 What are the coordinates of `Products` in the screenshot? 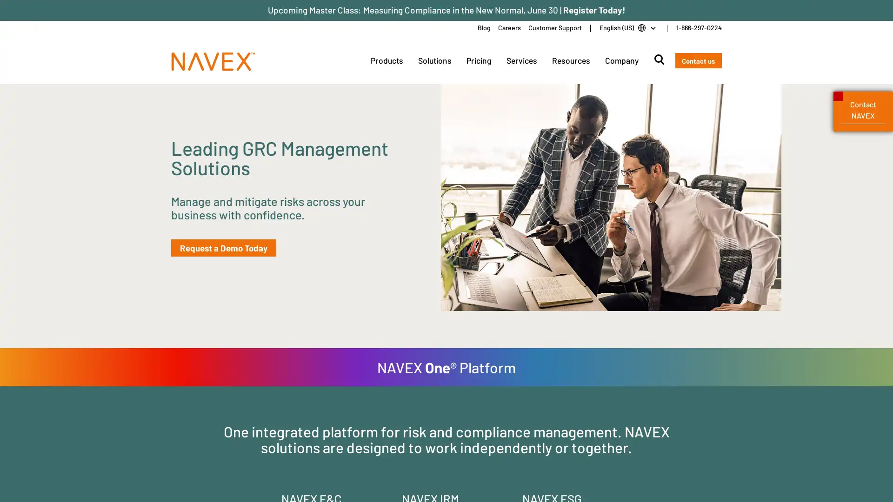 It's located at (386, 60).